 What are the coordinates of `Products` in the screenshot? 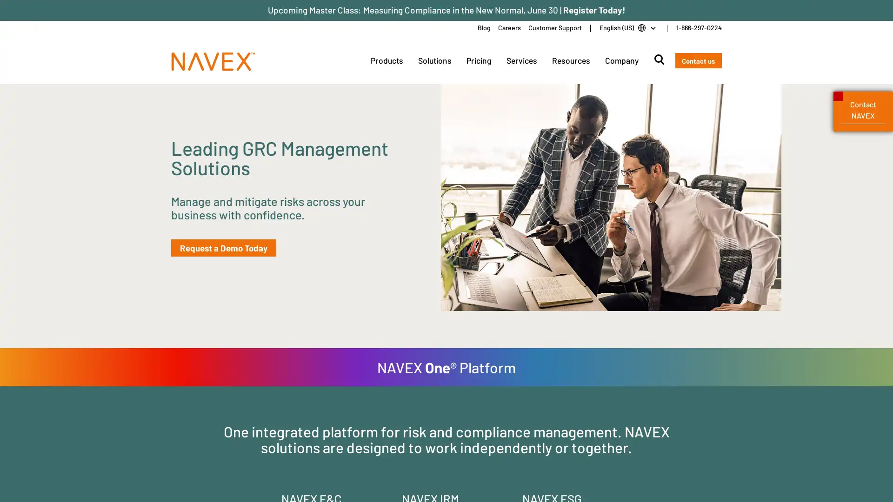 It's located at (386, 60).